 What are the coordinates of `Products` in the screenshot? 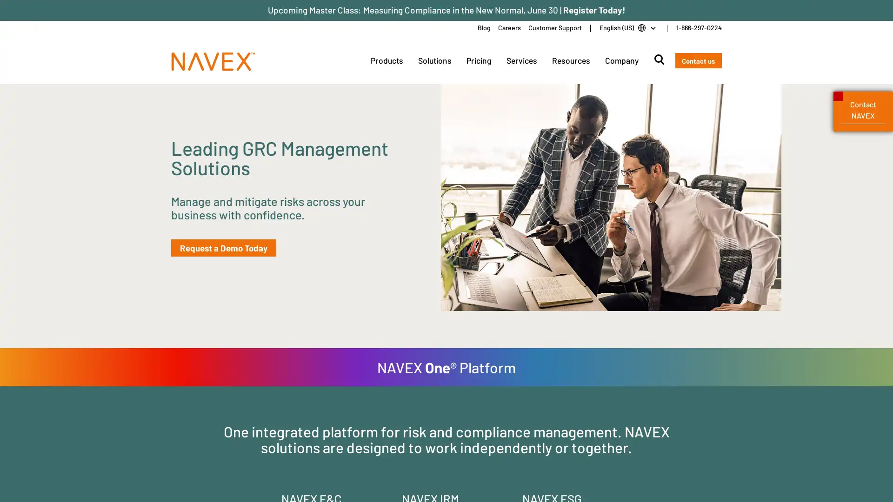 It's located at (386, 60).